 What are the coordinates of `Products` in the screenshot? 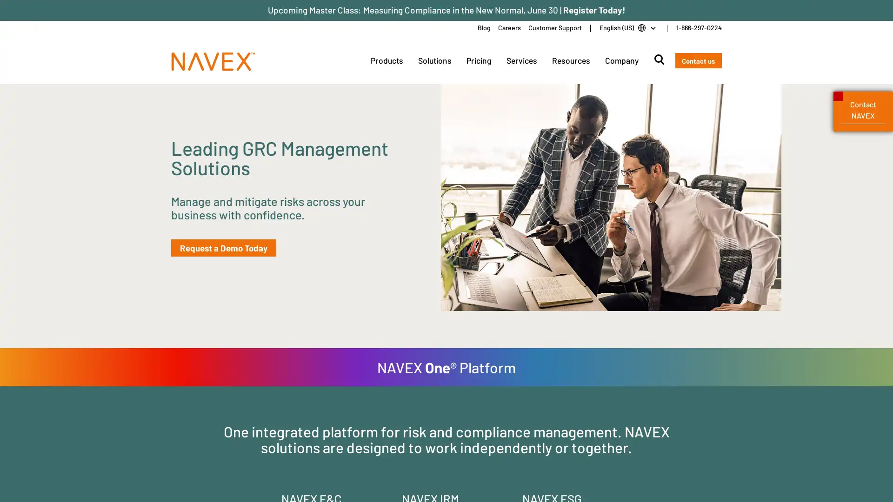 It's located at (386, 60).